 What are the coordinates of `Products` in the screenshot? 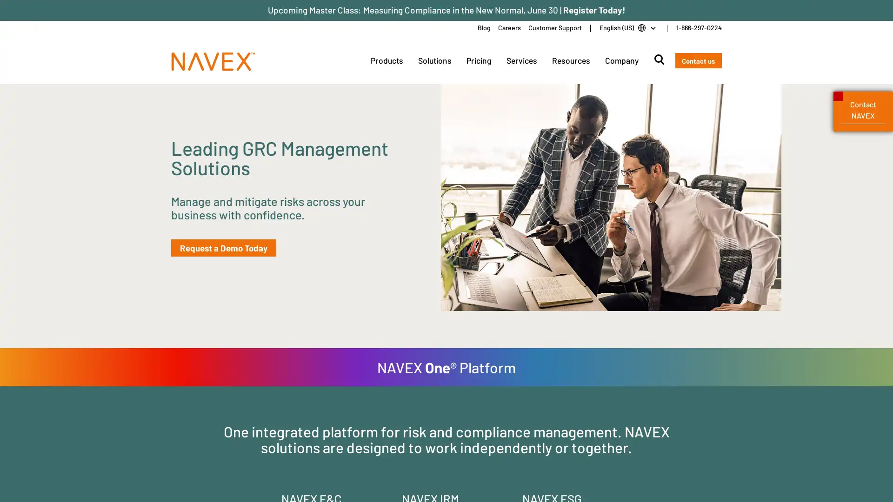 It's located at (386, 60).